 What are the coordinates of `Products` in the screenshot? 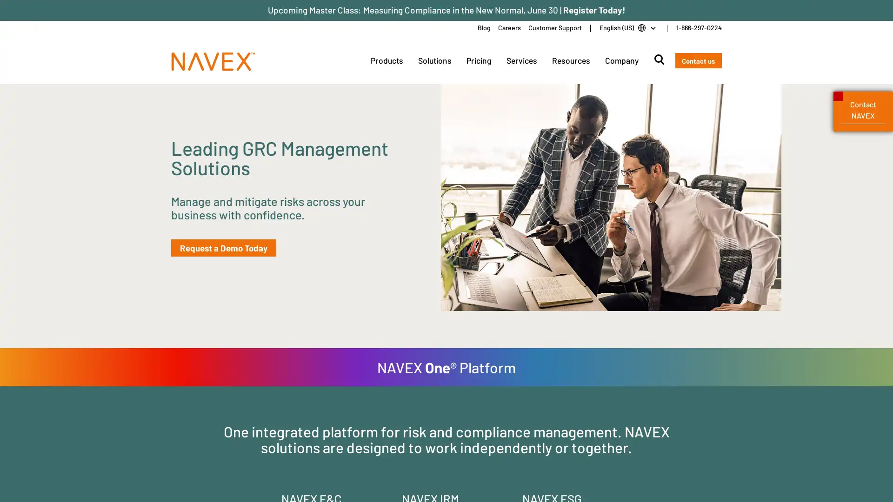 It's located at (386, 60).